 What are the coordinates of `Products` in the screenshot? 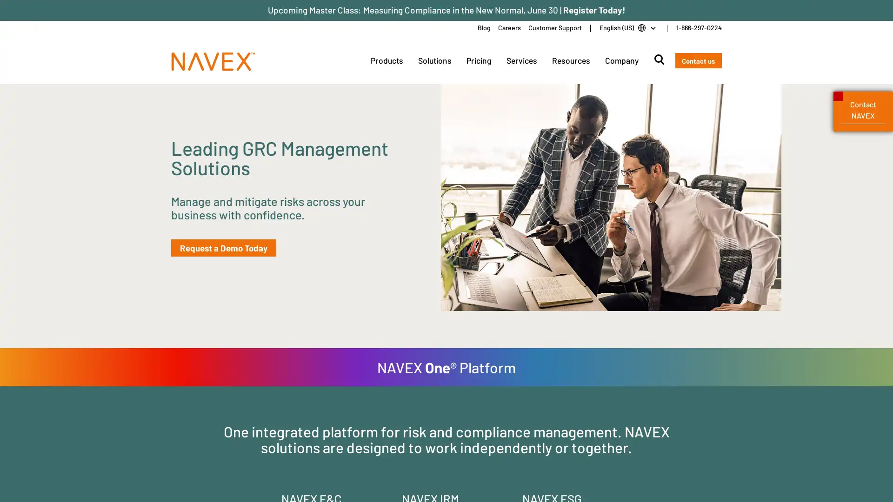 It's located at (386, 60).